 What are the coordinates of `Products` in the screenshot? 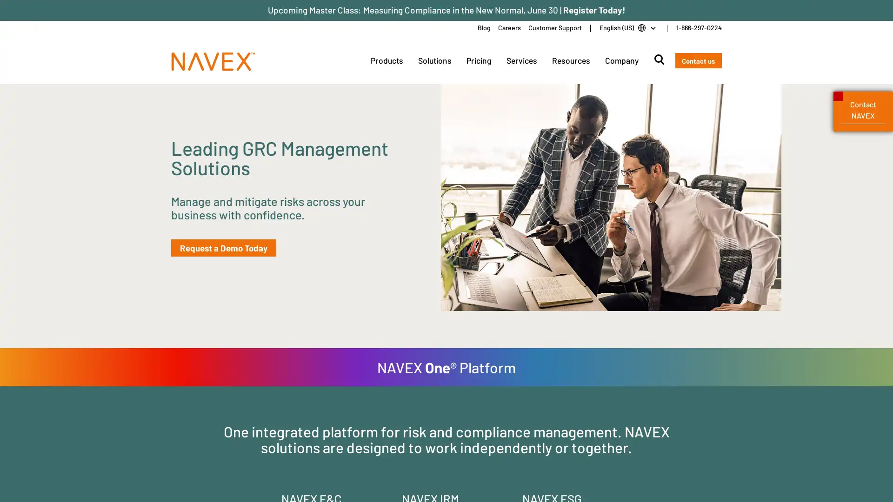 It's located at (386, 60).